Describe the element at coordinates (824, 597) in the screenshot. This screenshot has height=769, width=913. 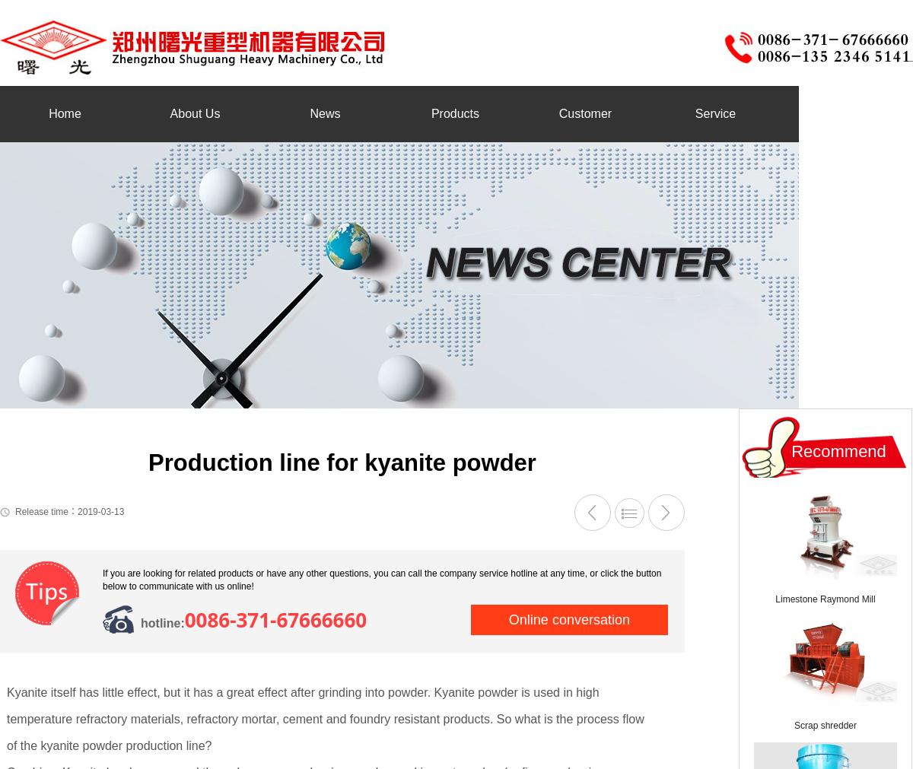
I see `'Limestone Raymond Mill'` at that location.